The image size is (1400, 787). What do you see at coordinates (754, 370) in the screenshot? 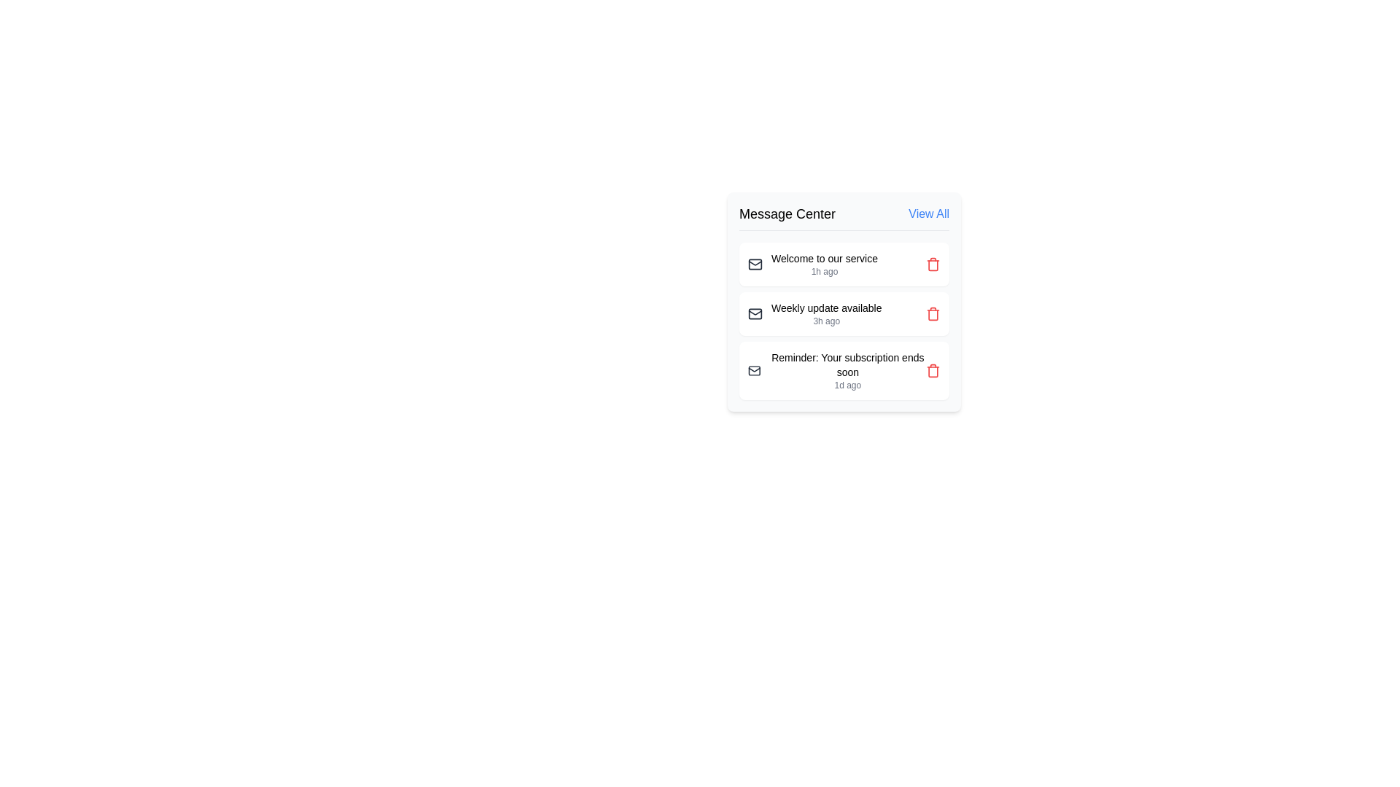
I see `the graphical representation of the email icon in the third entry titled 'Reminder: Your subscription ends soon'` at bounding box center [754, 370].